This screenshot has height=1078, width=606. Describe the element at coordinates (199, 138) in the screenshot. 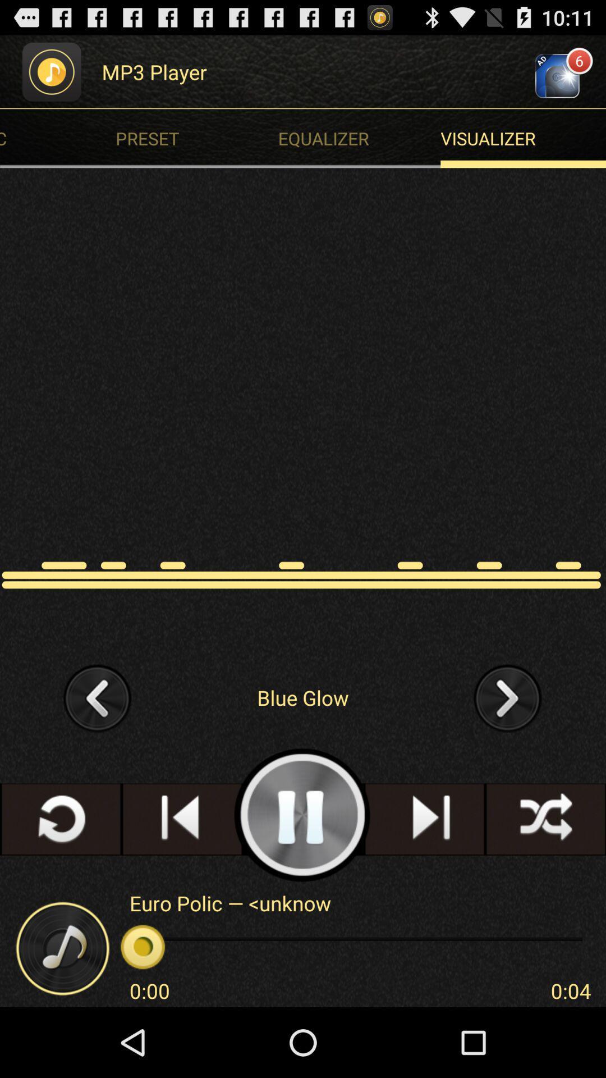

I see `item next to the visualizer` at that location.